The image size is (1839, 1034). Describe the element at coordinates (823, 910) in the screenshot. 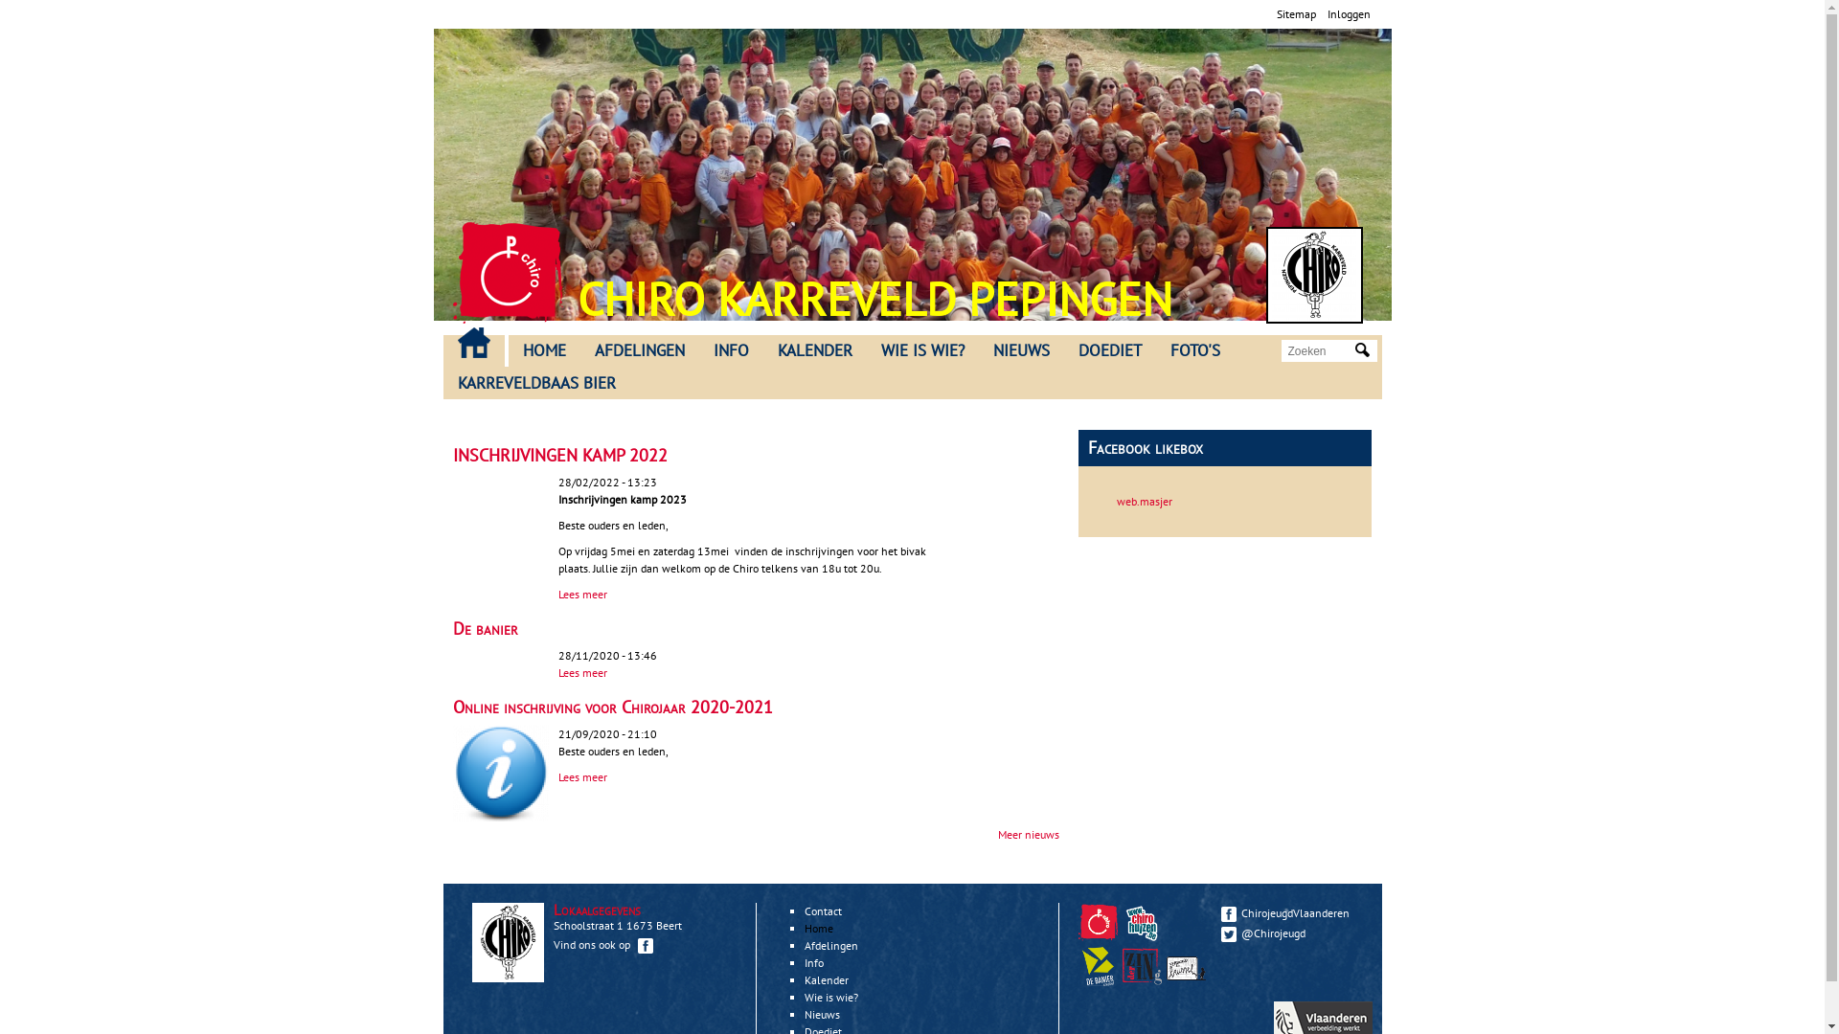

I see `'Contact'` at that location.